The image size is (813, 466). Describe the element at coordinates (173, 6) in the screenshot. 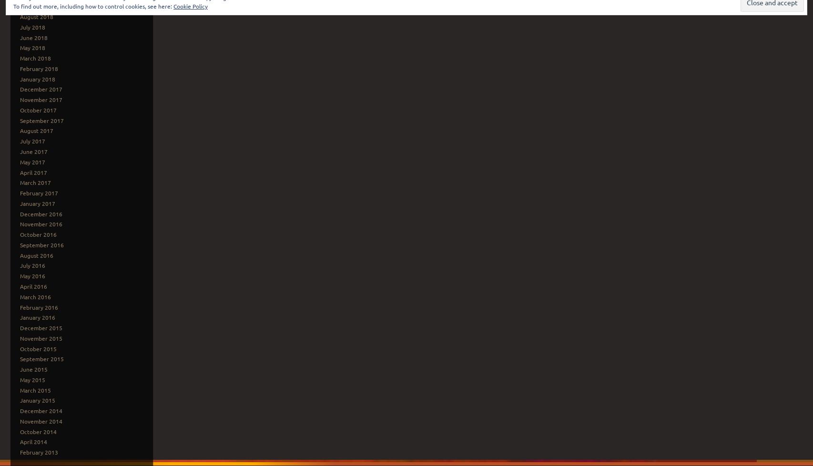

I see `'Cookie Policy'` at that location.